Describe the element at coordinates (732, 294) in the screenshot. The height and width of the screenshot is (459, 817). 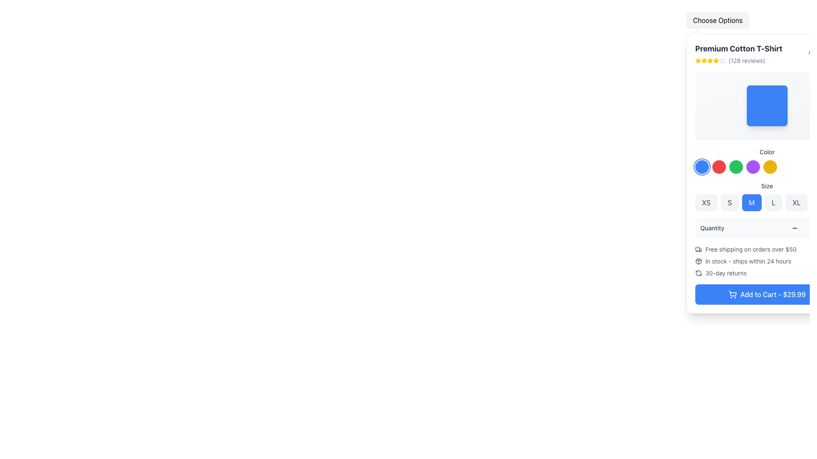
I see `the 'Add to Cart' icon located on the left side of the 'Add to Cart - $29.99' button at the bottom of the product page` at that location.